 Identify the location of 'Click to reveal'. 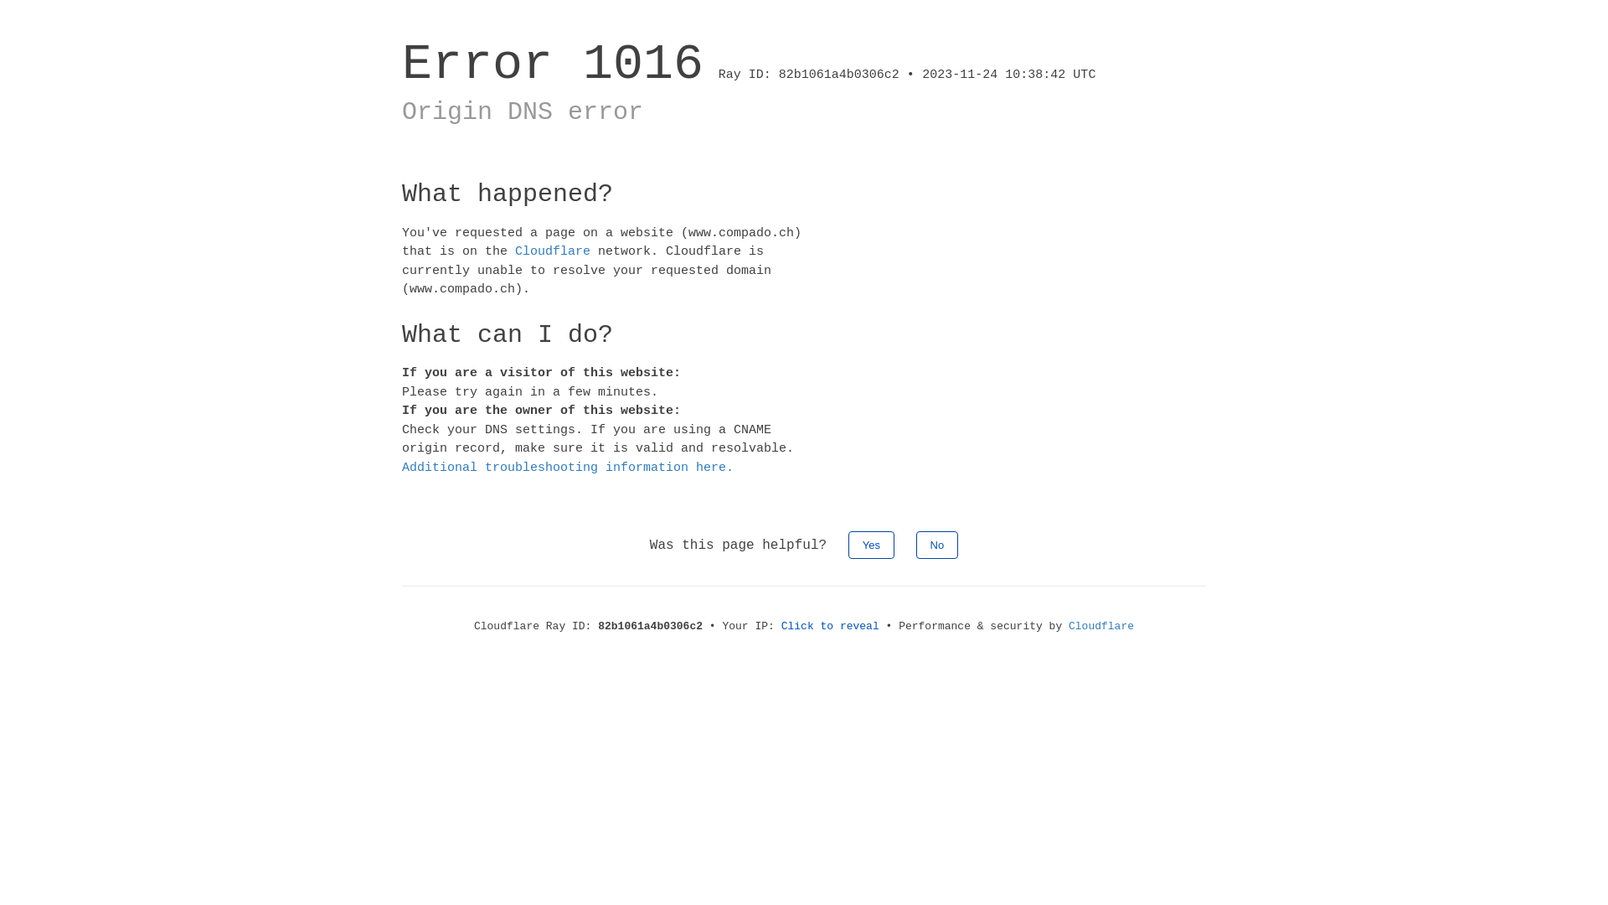
(830, 626).